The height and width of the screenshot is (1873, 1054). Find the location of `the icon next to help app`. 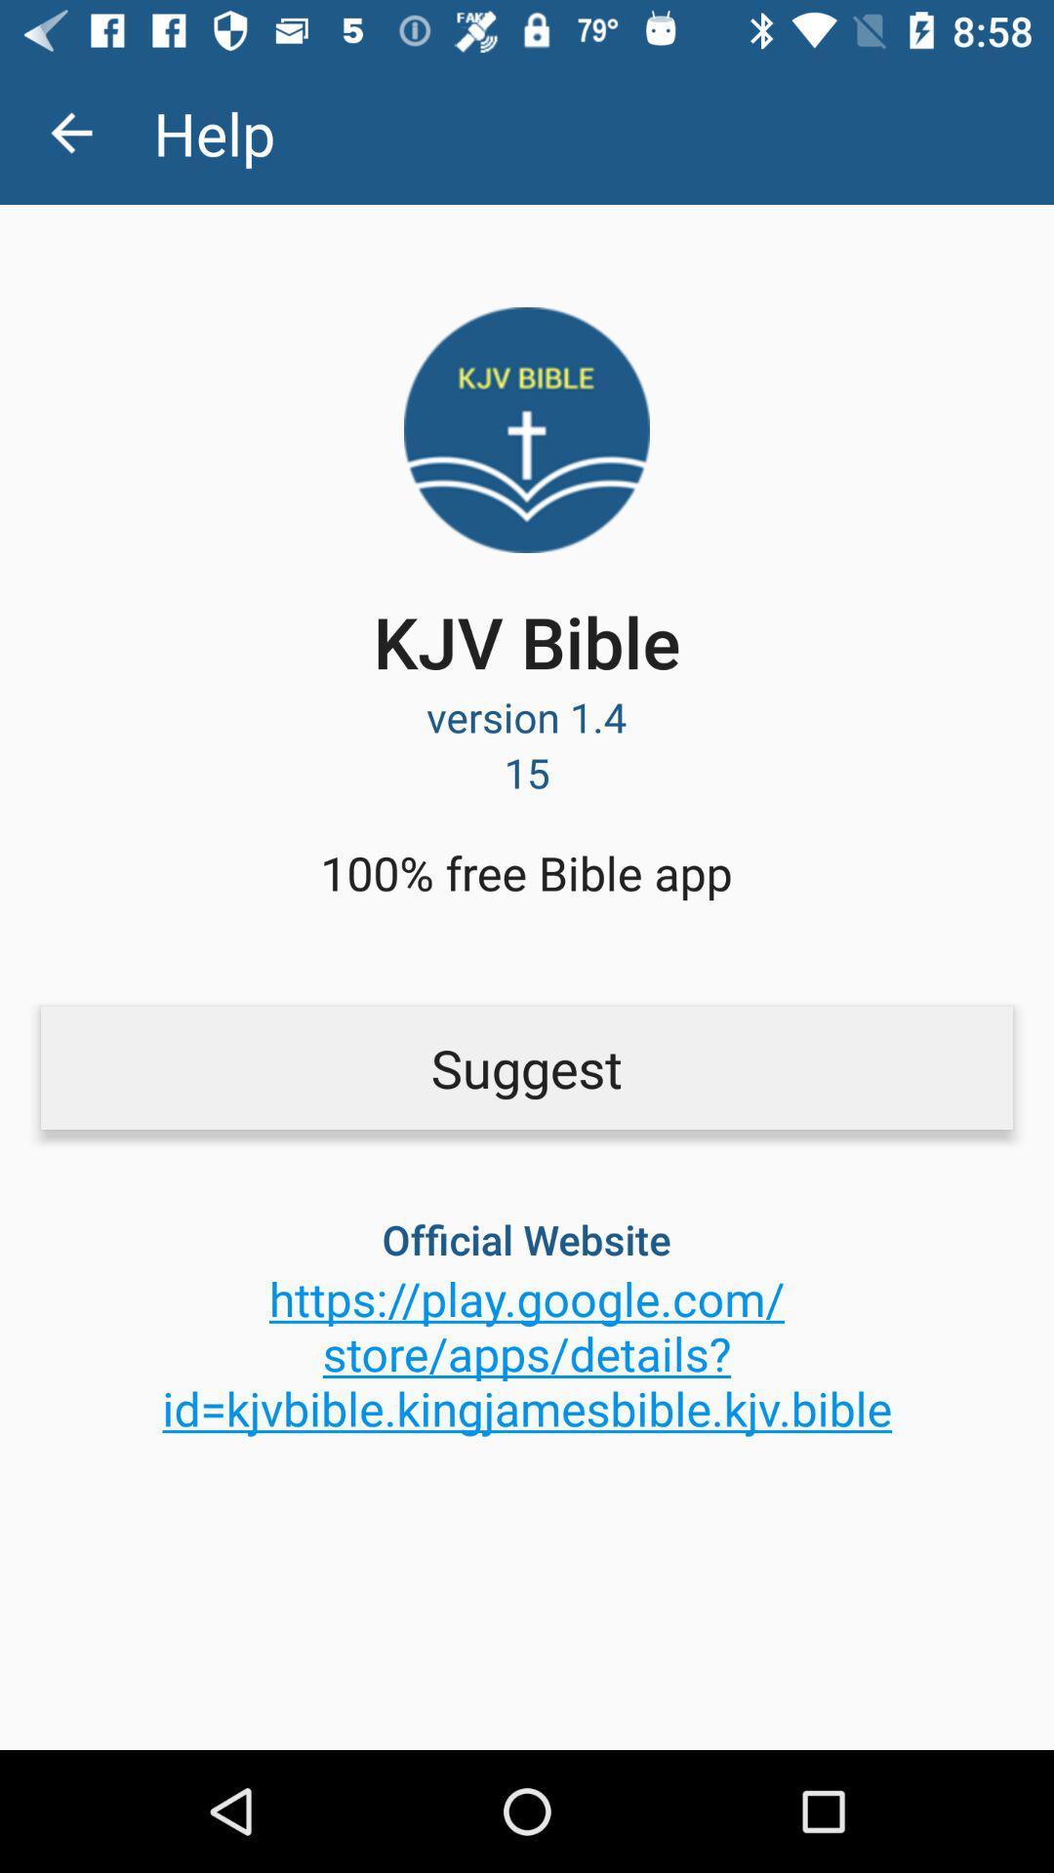

the icon next to help app is located at coordinates (70, 132).